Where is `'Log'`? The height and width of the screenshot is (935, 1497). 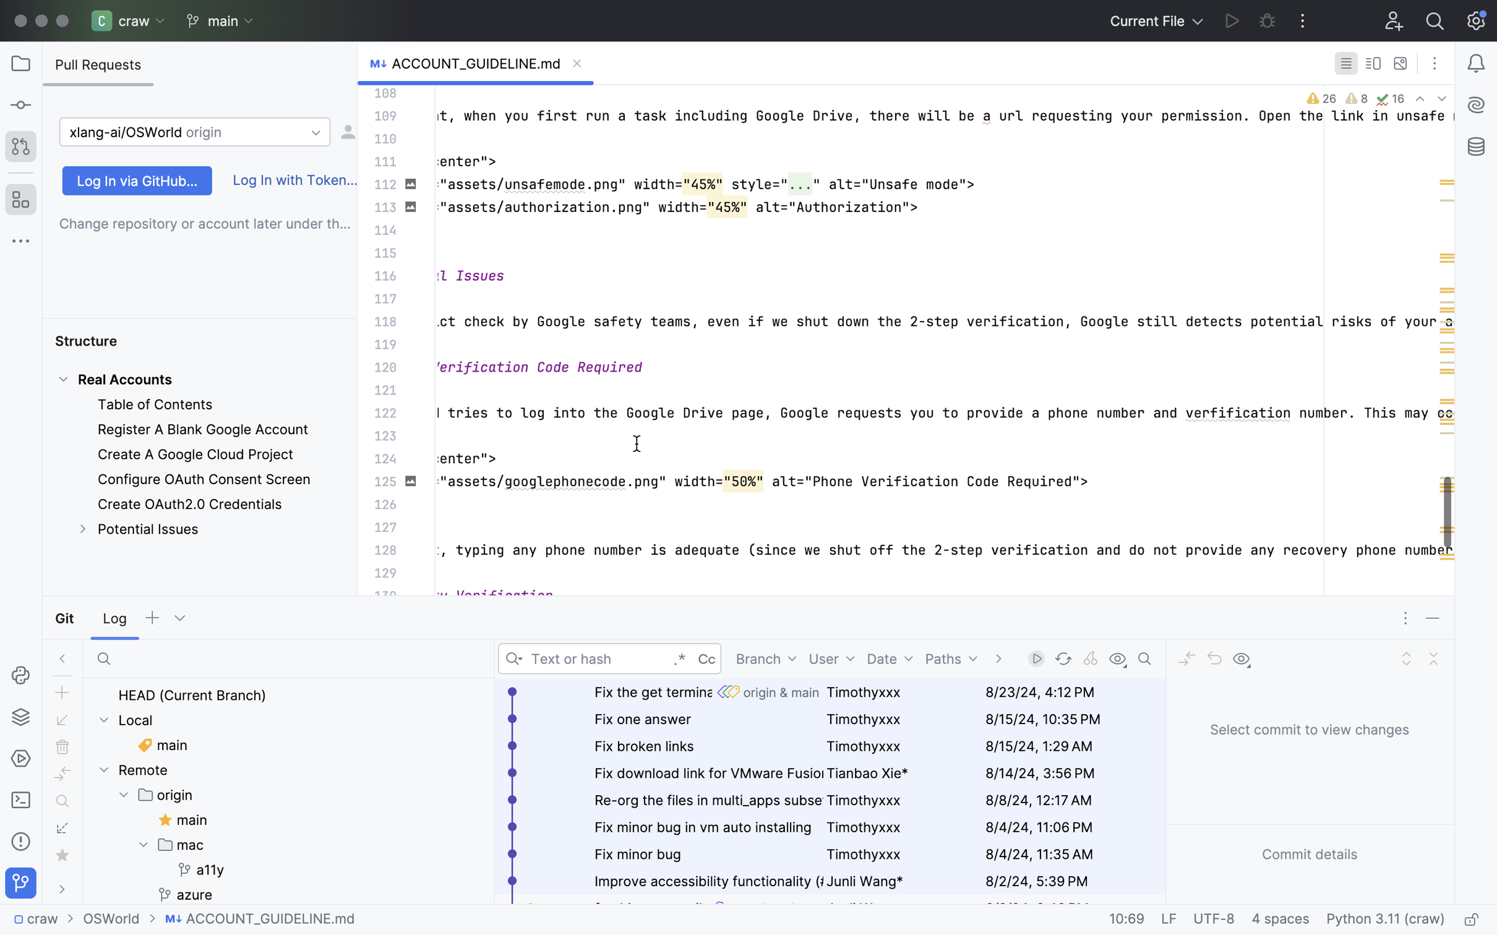 'Log' is located at coordinates (114, 618).